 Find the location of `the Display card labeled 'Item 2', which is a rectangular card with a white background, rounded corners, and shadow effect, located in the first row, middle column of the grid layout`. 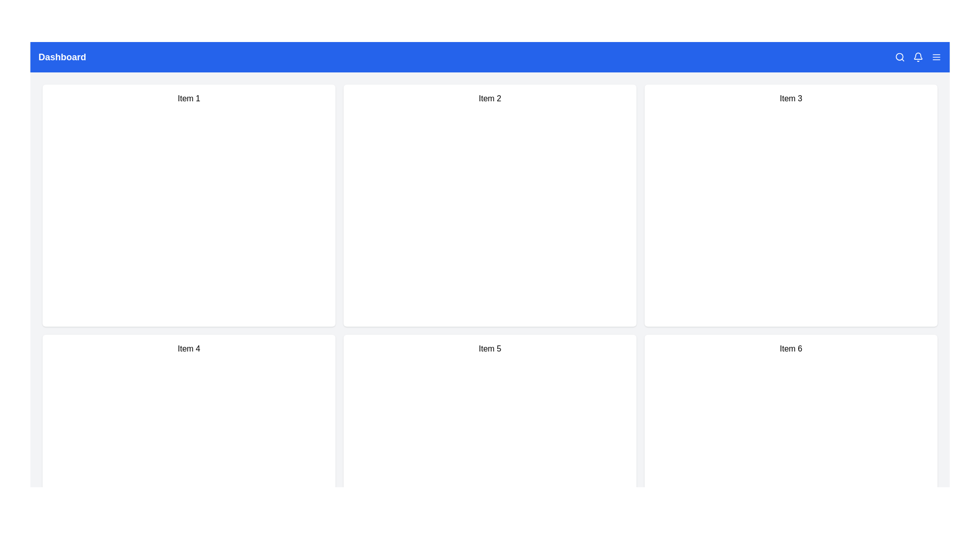

the Display card labeled 'Item 2', which is a rectangular card with a white background, rounded corners, and shadow effect, located in the first row, middle column of the grid layout is located at coordinates (490, 205).